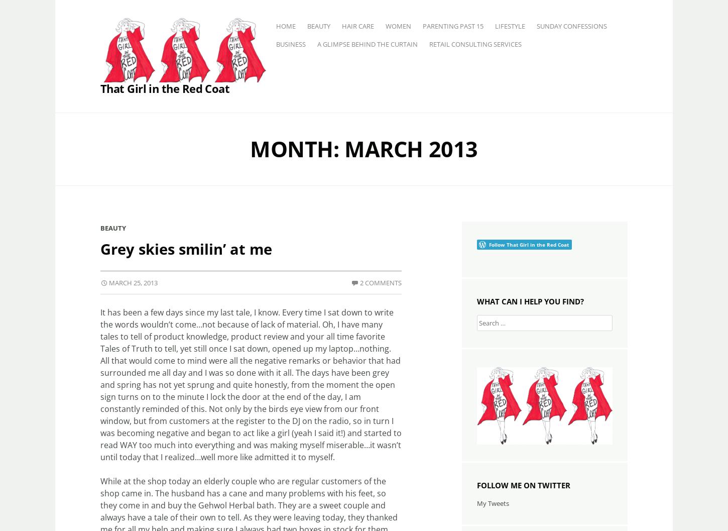  What do you see at coordinates (381, 282) in the screenshot?
I see `'2 Comments'` at bounding box center [381, 282].